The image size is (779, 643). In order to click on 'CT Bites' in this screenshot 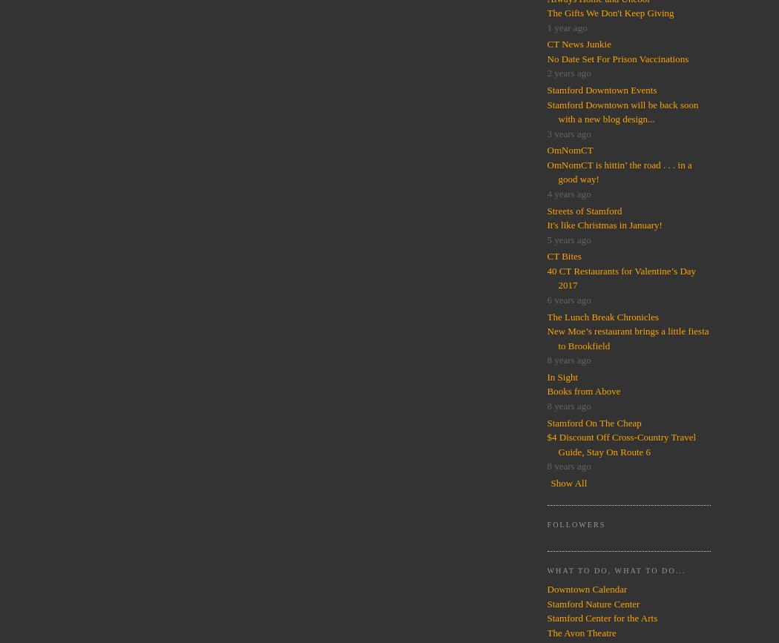, I will do `click(563, 256)`.